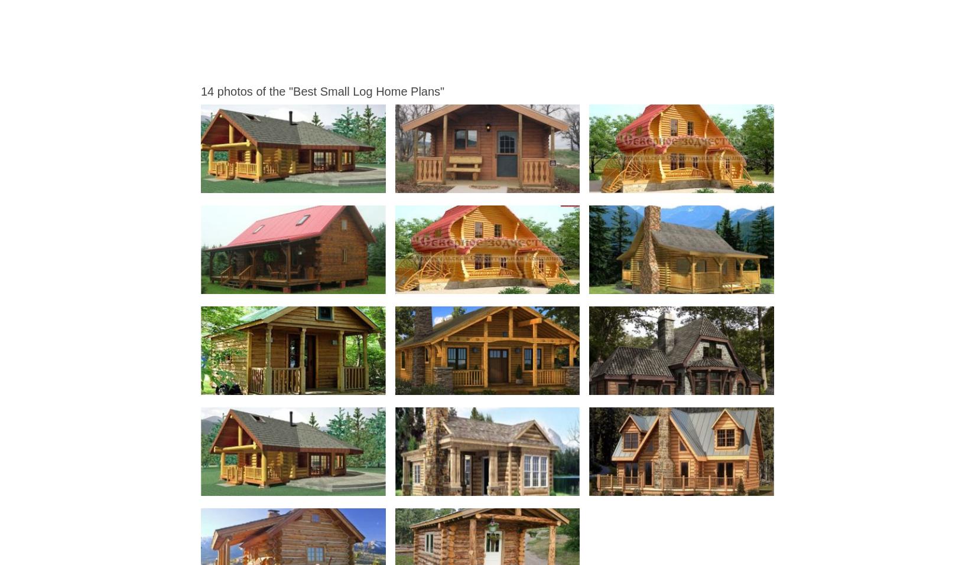 The width and height of the screenshot is (975, 565). I want to click on 'Best Small Log Home Plans Best Small Log Cabin Kits Small Log Cabin Kits Floor Plans', so click(536, 182).